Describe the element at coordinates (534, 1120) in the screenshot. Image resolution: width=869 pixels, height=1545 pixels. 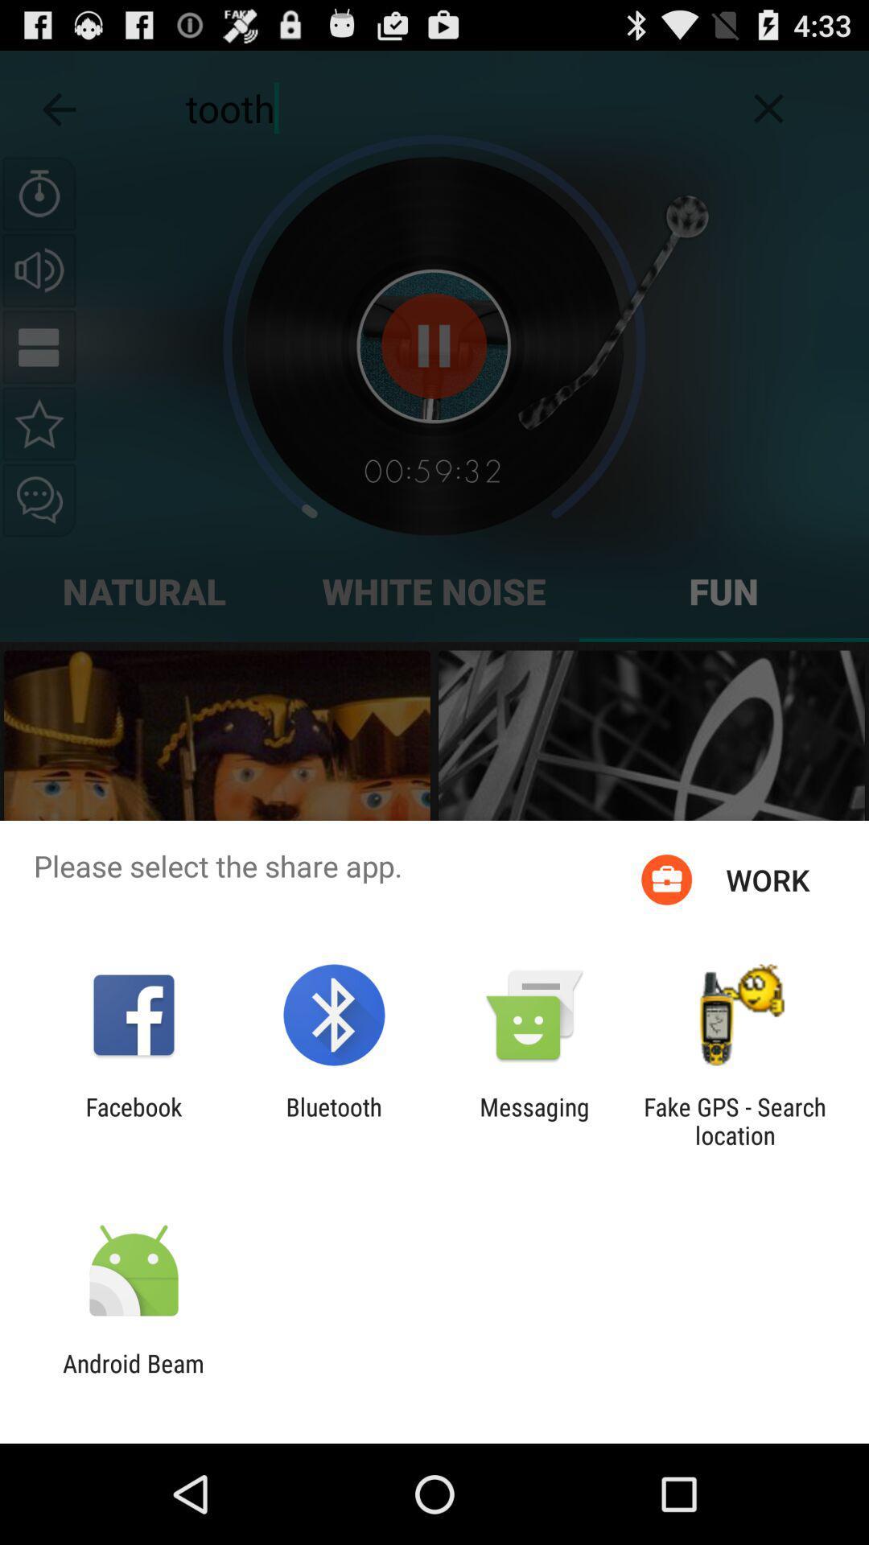
I see `app next to the bluetooth item` at that location.